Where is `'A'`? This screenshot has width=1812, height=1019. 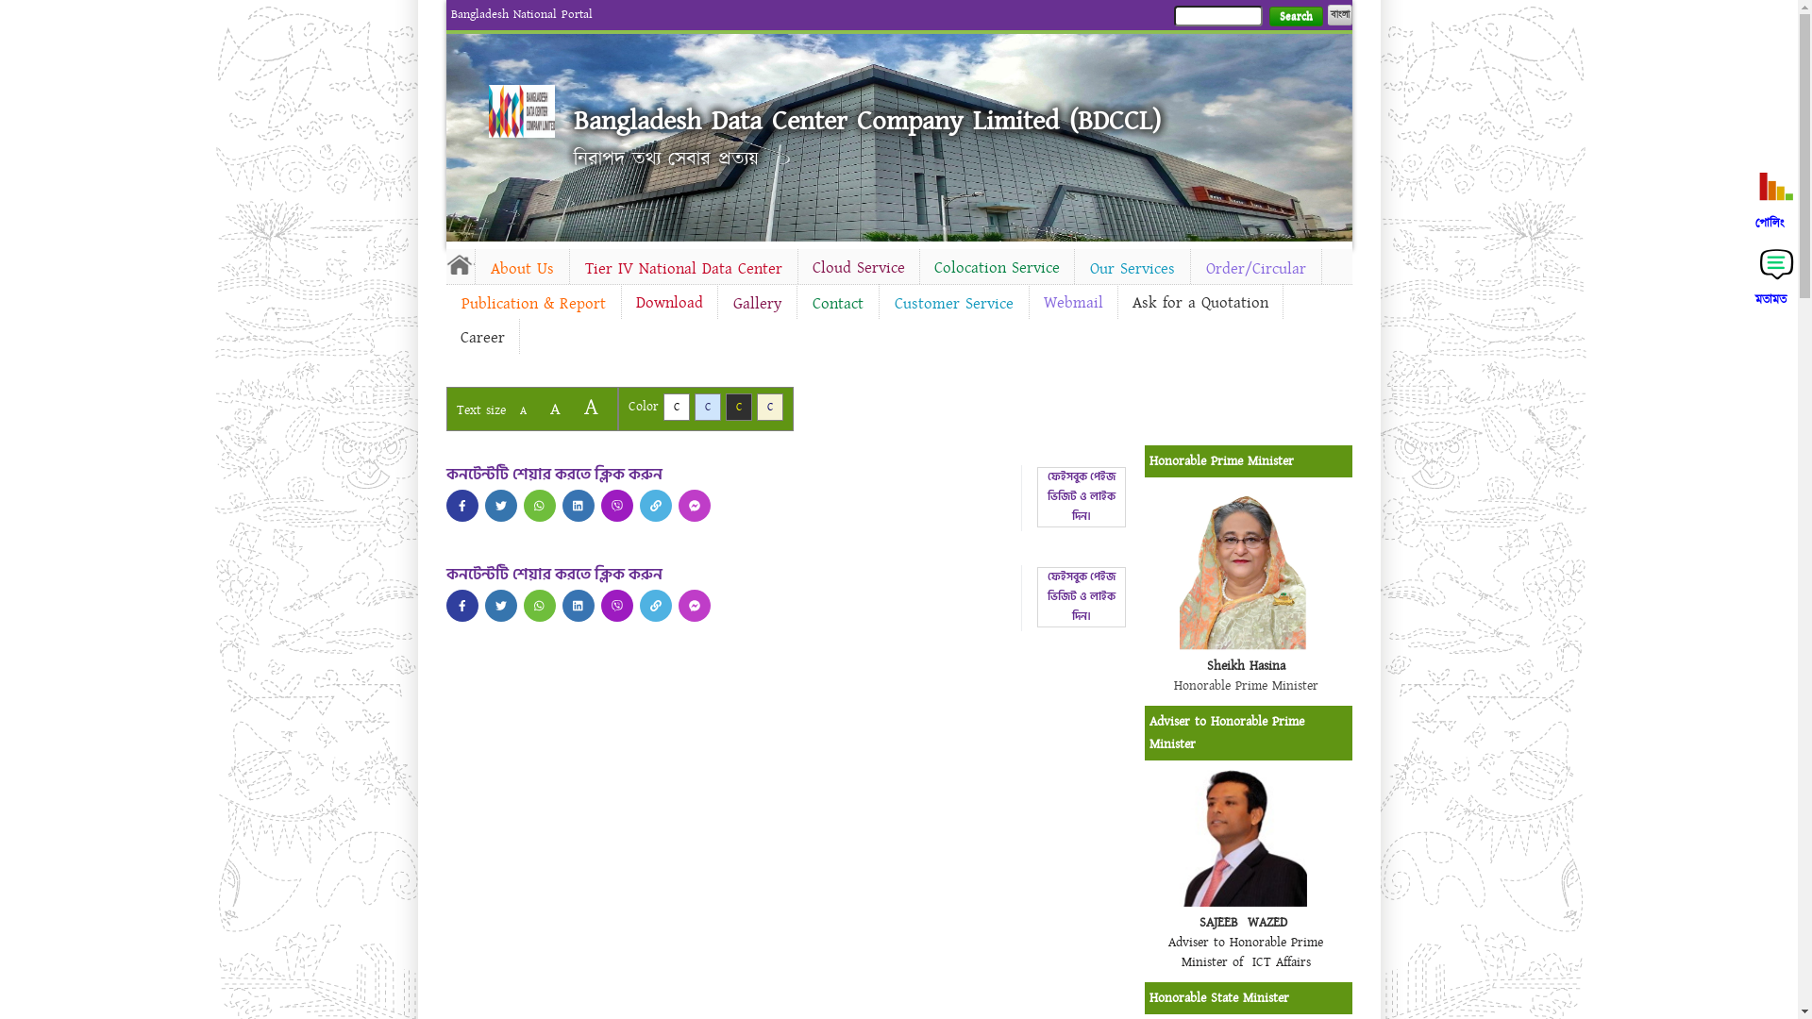
'A' is located at coordinates (589, 406).